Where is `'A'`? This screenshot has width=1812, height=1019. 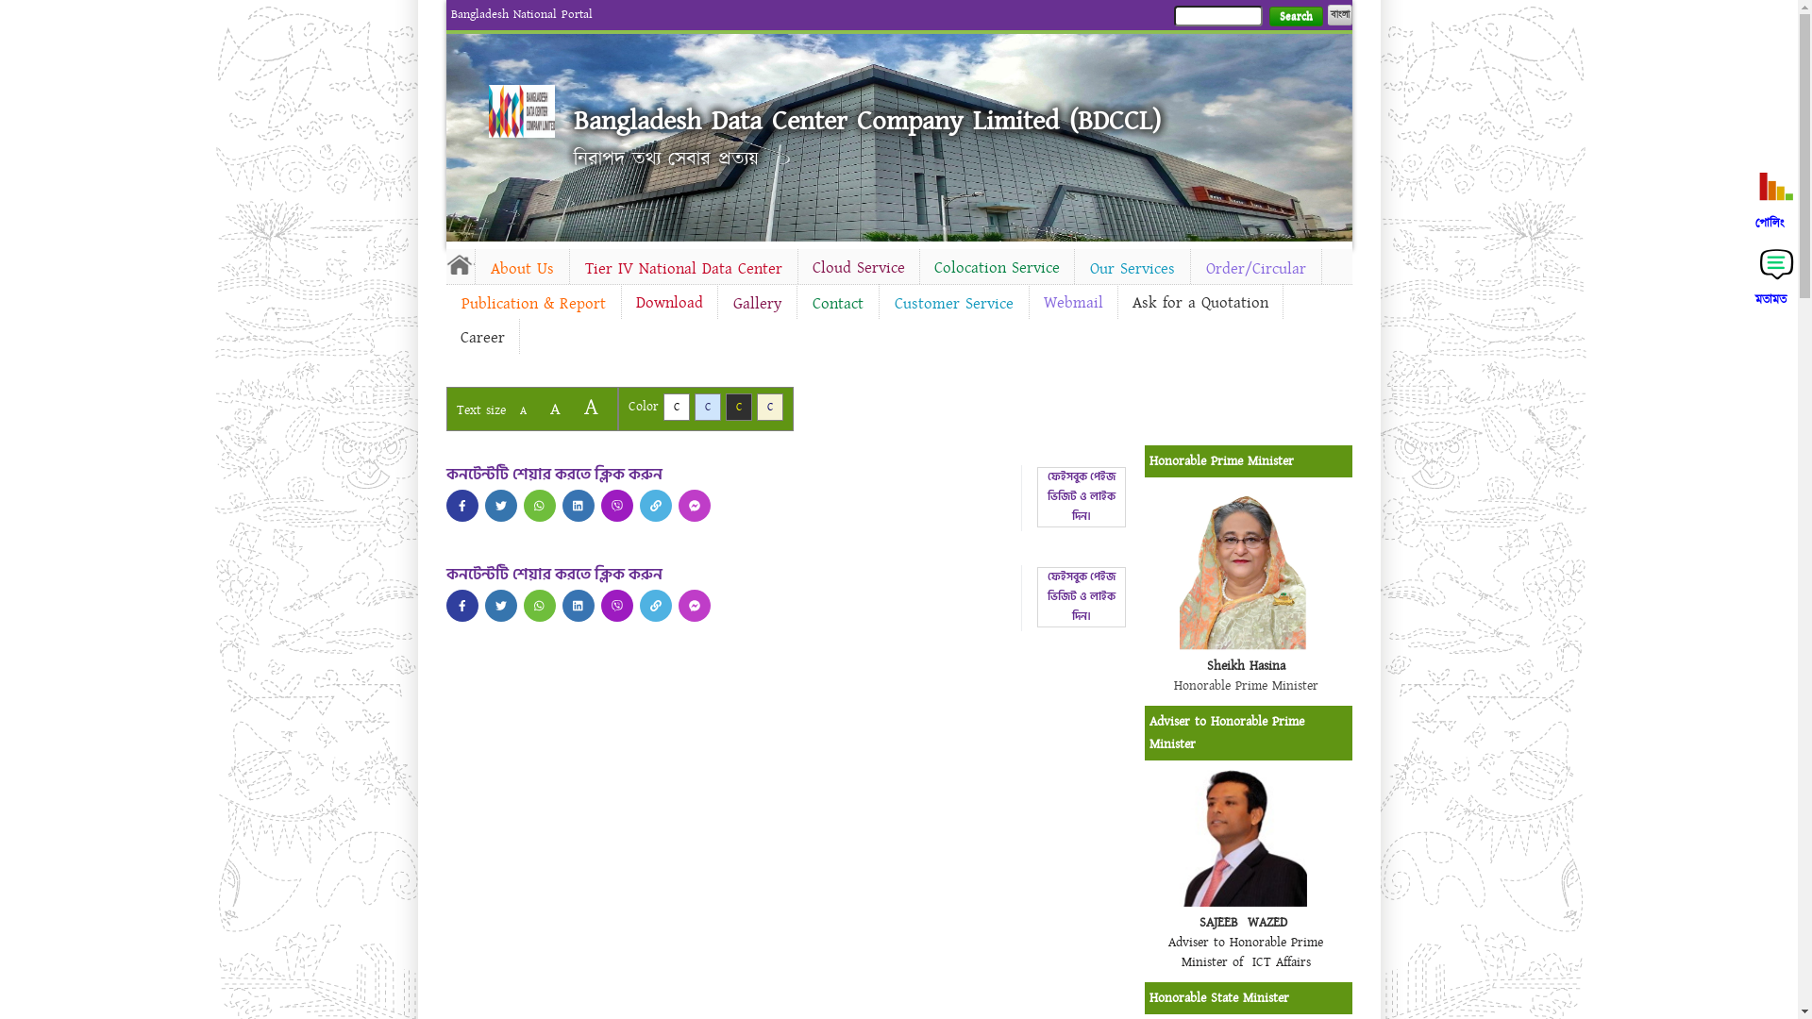
'A' is located at coordinates (589, 406).